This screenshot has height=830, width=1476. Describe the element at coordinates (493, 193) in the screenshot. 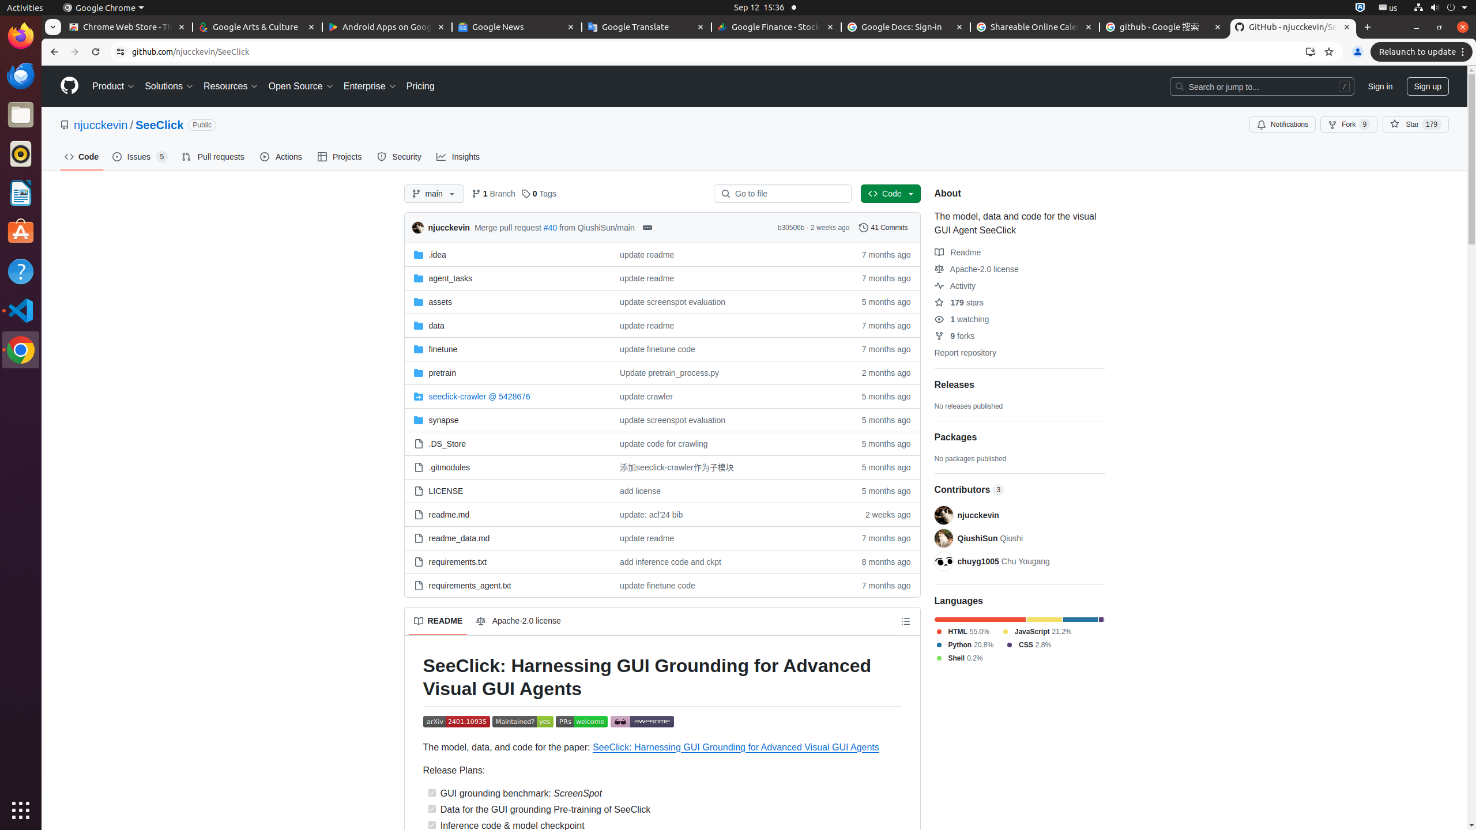

I see `'1 Branch'` at that location.